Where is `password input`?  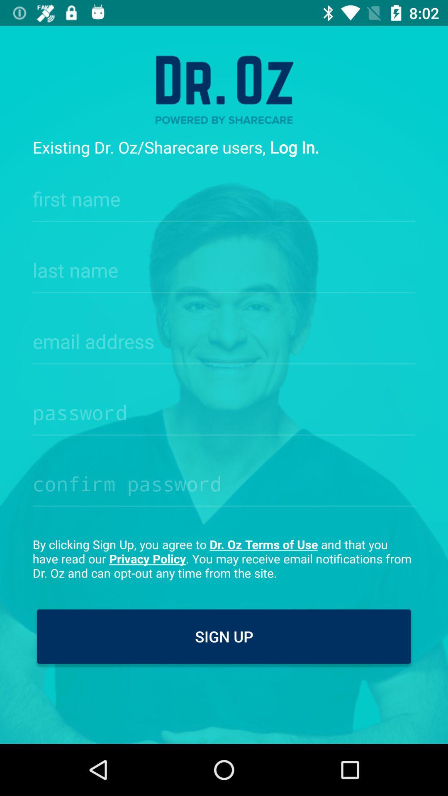
password input is located at coordinates (224, 410).